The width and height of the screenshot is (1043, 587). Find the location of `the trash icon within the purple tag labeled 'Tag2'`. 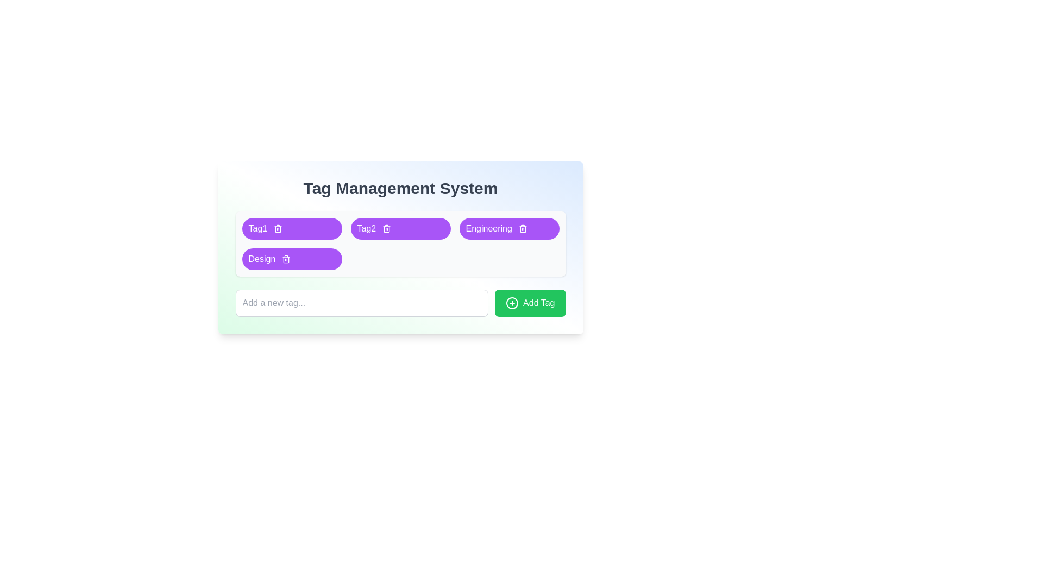

the trash icon within the purple tag labeled 'Tag2' is located at coordinates (387, 229).